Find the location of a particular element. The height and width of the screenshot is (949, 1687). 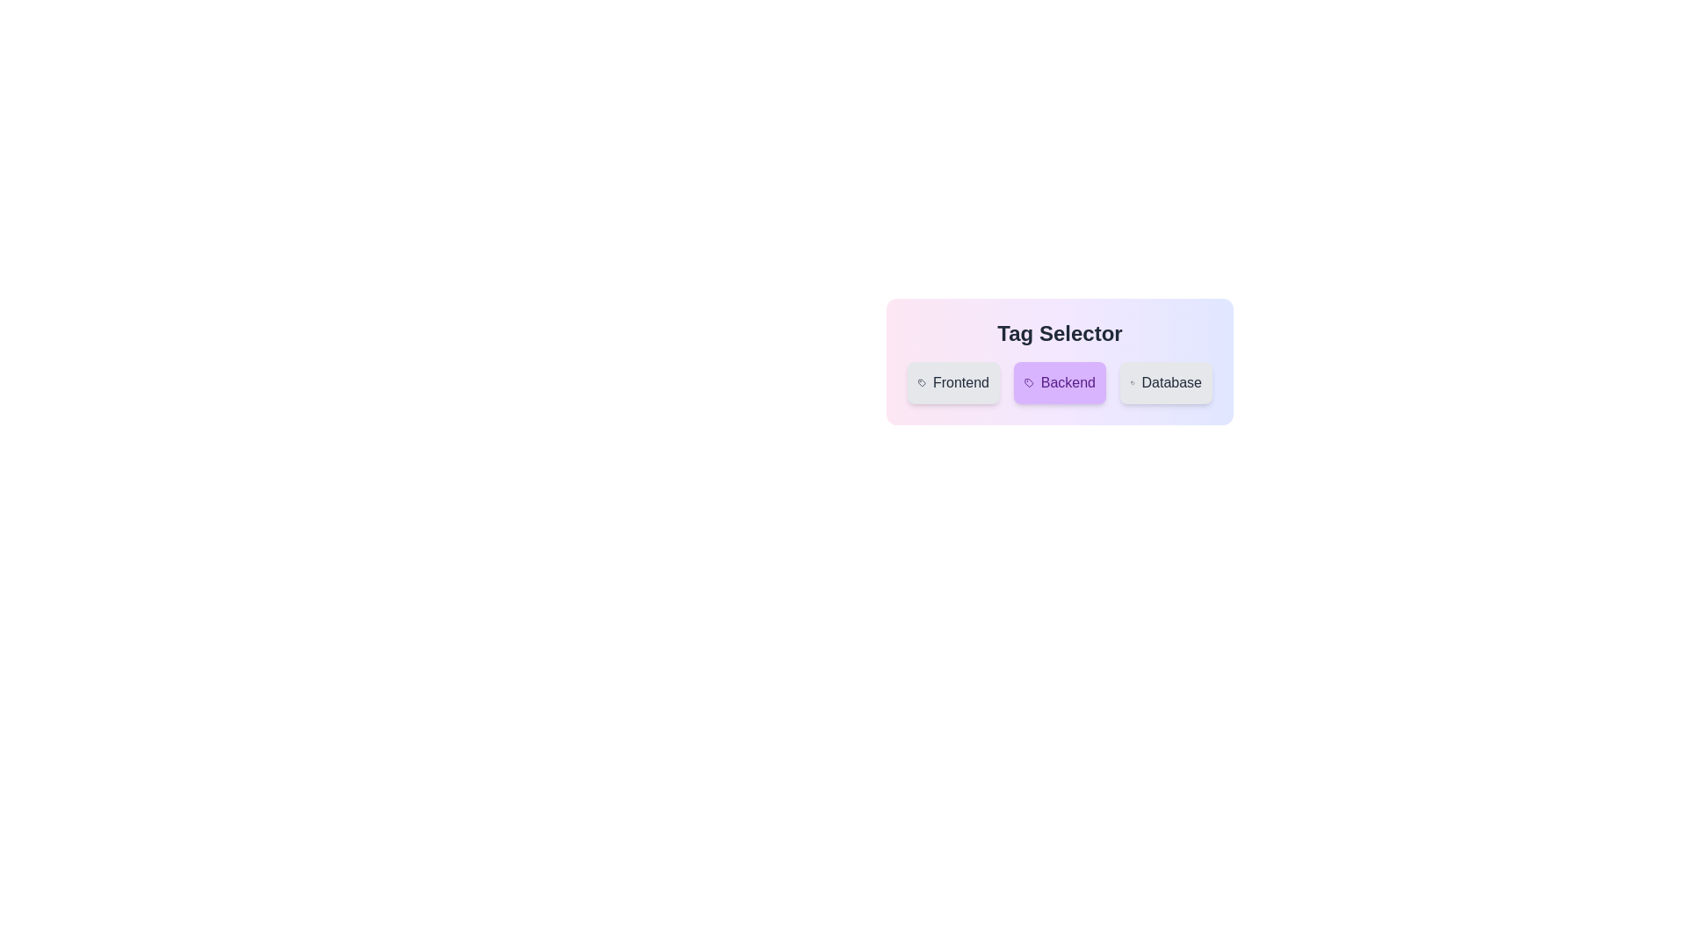

the tag Backend by clicking on it is located at coordinates (1059, 381).